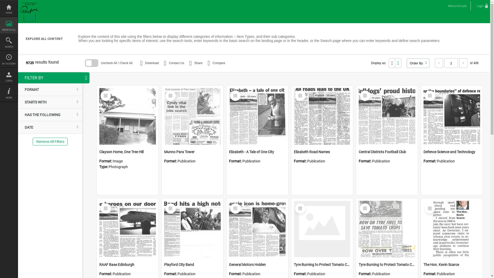 This screenshot has width=494, height=278. I want to click on 'HOME', so click(0, 8).